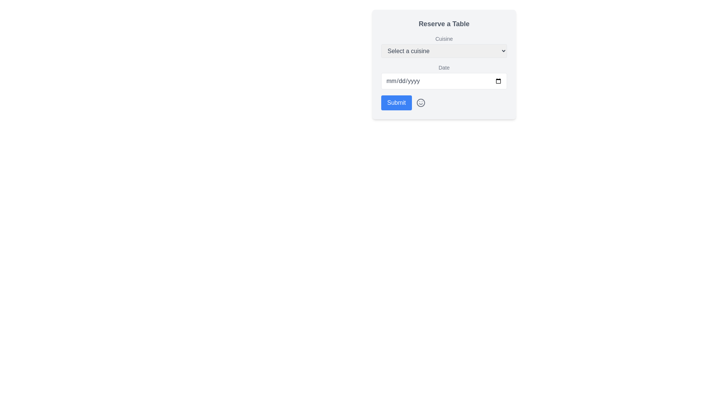 This screenshot has width=719, height=404. What do you see at coordinates (444, 46) in the screenshot?
I see `the dropdown arrow in the 'Cuisine' section` at bounding box center [444, 46].